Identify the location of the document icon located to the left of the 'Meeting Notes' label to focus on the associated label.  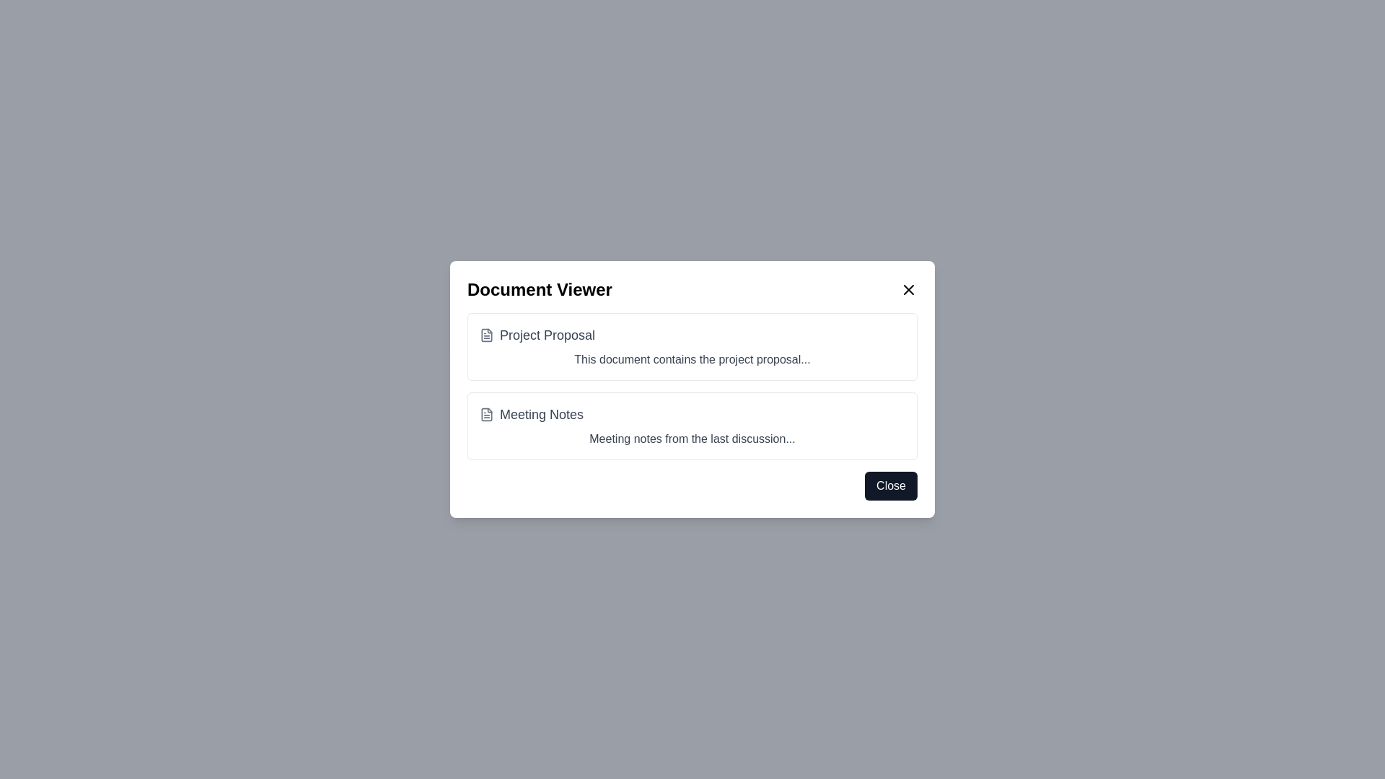
(487, 414).